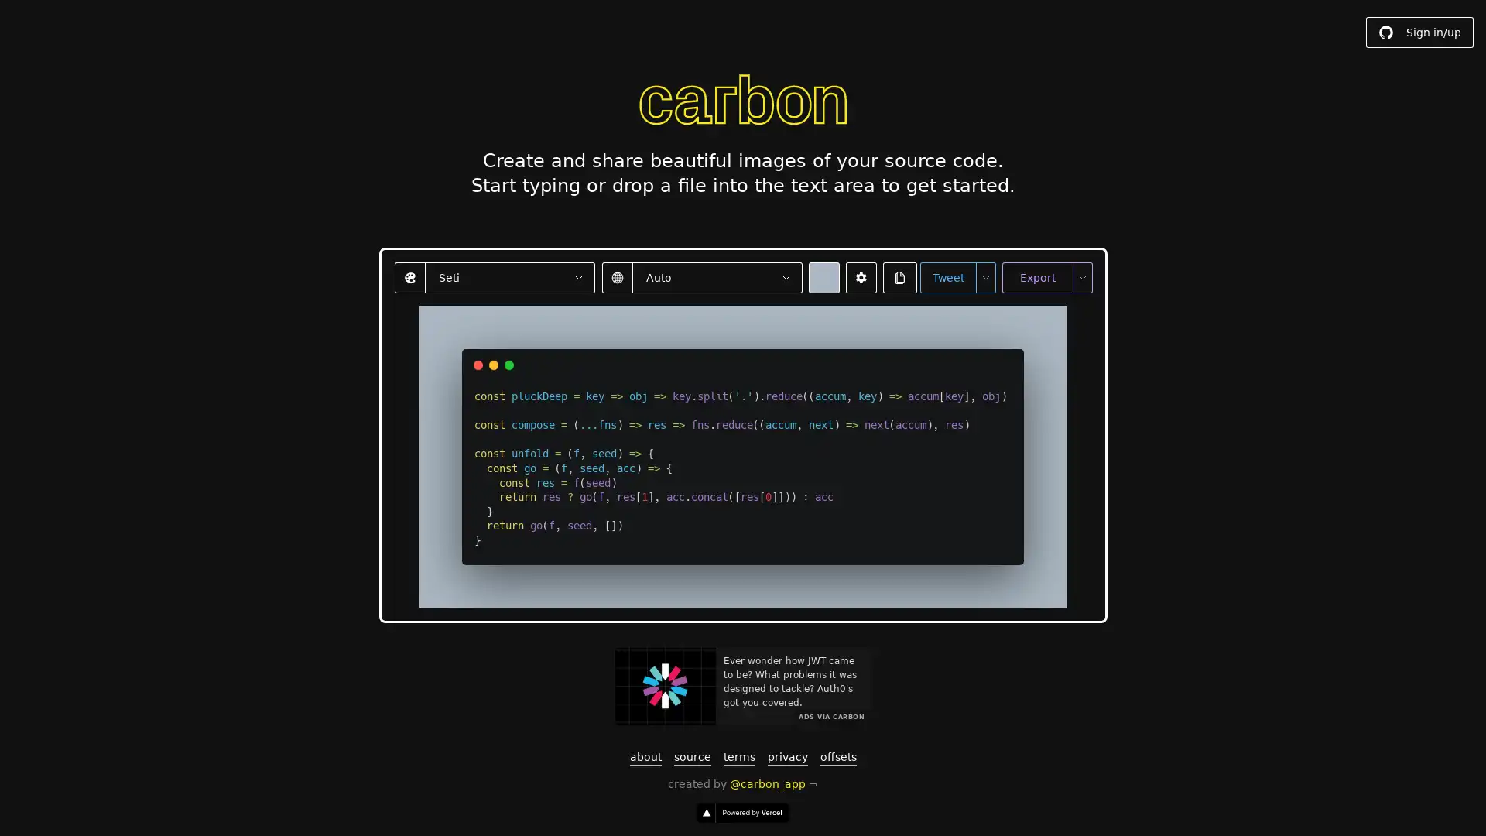  What do you see at coordinates (860, 276) in the screenshot?
I see `Settings Menu` at bounding box center [860, 276].